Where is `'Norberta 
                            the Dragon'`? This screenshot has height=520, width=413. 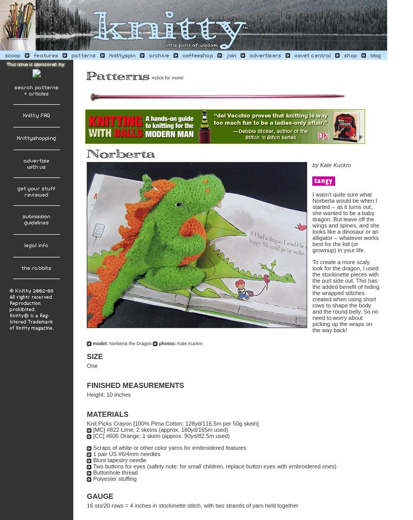 'Norberta 
                            the Dragon' is located at coordinates (130, 343).